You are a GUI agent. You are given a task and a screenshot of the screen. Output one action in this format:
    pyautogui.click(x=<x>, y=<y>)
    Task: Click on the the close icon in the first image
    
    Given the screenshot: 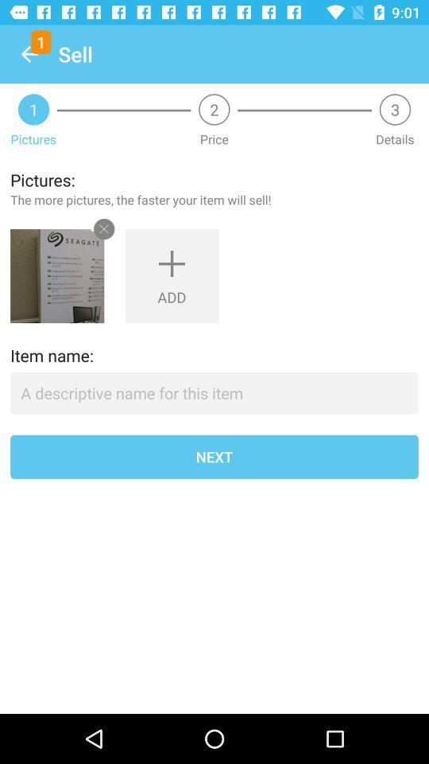 What is the action you would take?
    pyautogui.click(x=104, y=228)
    